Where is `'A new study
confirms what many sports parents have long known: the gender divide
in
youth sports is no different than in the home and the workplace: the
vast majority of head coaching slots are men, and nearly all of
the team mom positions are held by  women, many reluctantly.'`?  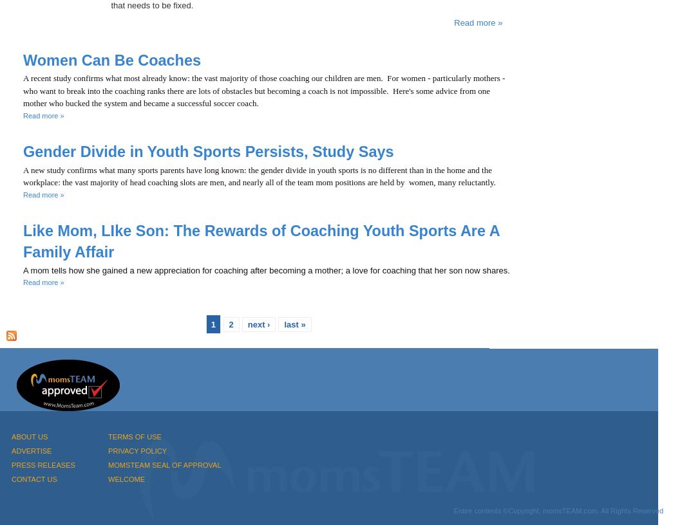 'A new study
confirms what many sports parents have long known: the gender divide
in
youth sports is no different than in the home and the workplace: the
vast majority of head coaching slots are men, and nearly all of
the team mom positions are held by  women, many reluctantly.' is located at coordinates (258, 175).